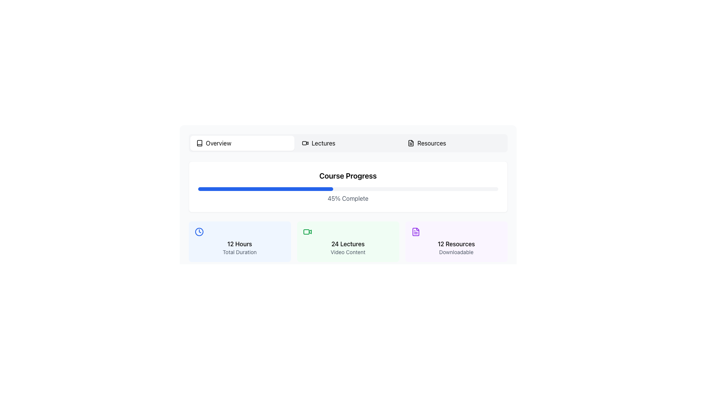 The width and height of the screenshot is (722, 406). Describe the element at coordinates (199, 143) in the screenshot. I see `the small, book-shaped icon represented by a minimalistic, line-based graphic style located within the 'Overview' tab of the navigation area` at that location.